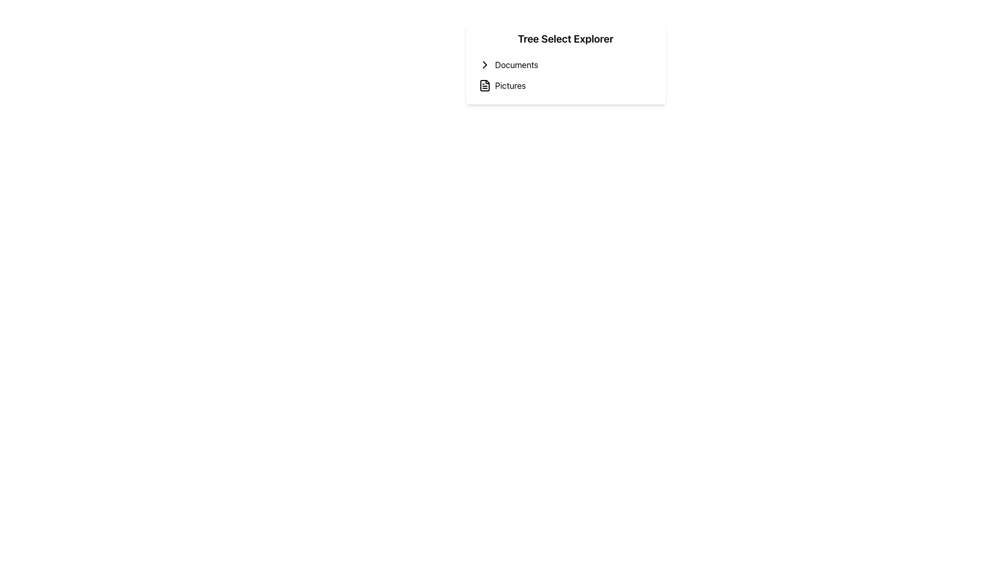 This screenshot has height=561, width=997. I want to click on the text 'Documents' in the tree navigation structure, so click(516, 64).